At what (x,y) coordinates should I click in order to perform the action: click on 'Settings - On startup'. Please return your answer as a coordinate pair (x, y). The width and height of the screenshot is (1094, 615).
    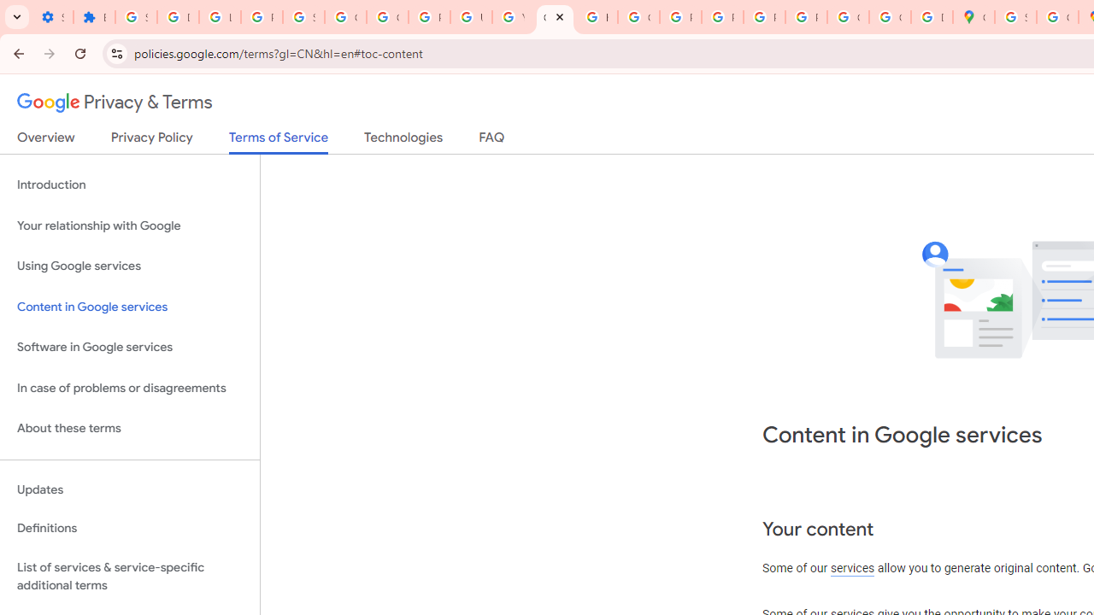
    Looking at the image, I should click on (52, 17).